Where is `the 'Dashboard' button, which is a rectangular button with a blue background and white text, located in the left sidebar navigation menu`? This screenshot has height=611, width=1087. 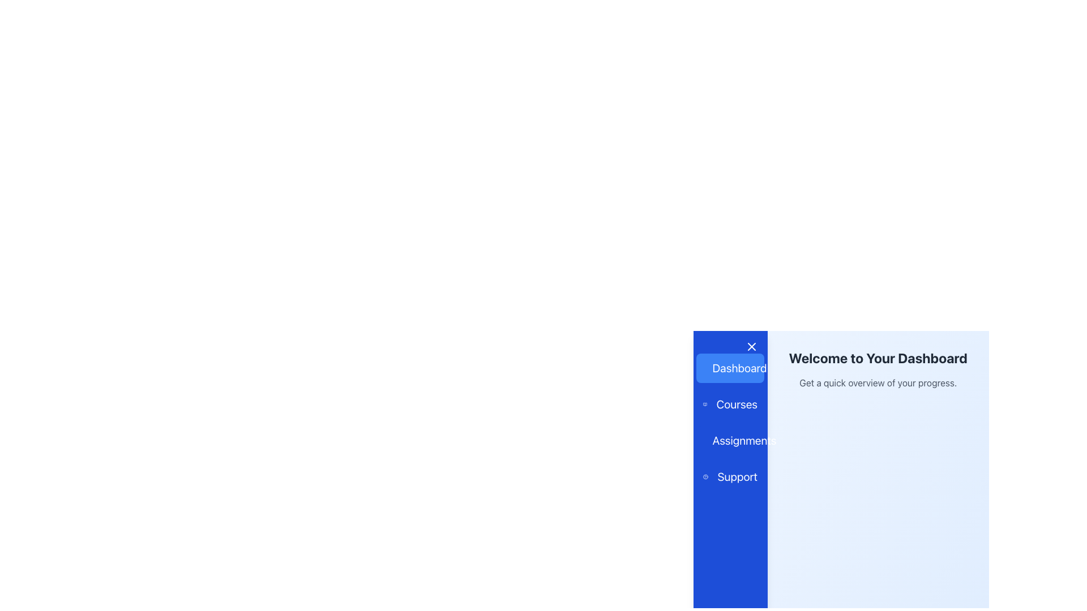 the 'Dashboard' button, which is a rectangular button with a blue background and white text, located in the left sidebar navigation menu is located at coordinates (730, 368).